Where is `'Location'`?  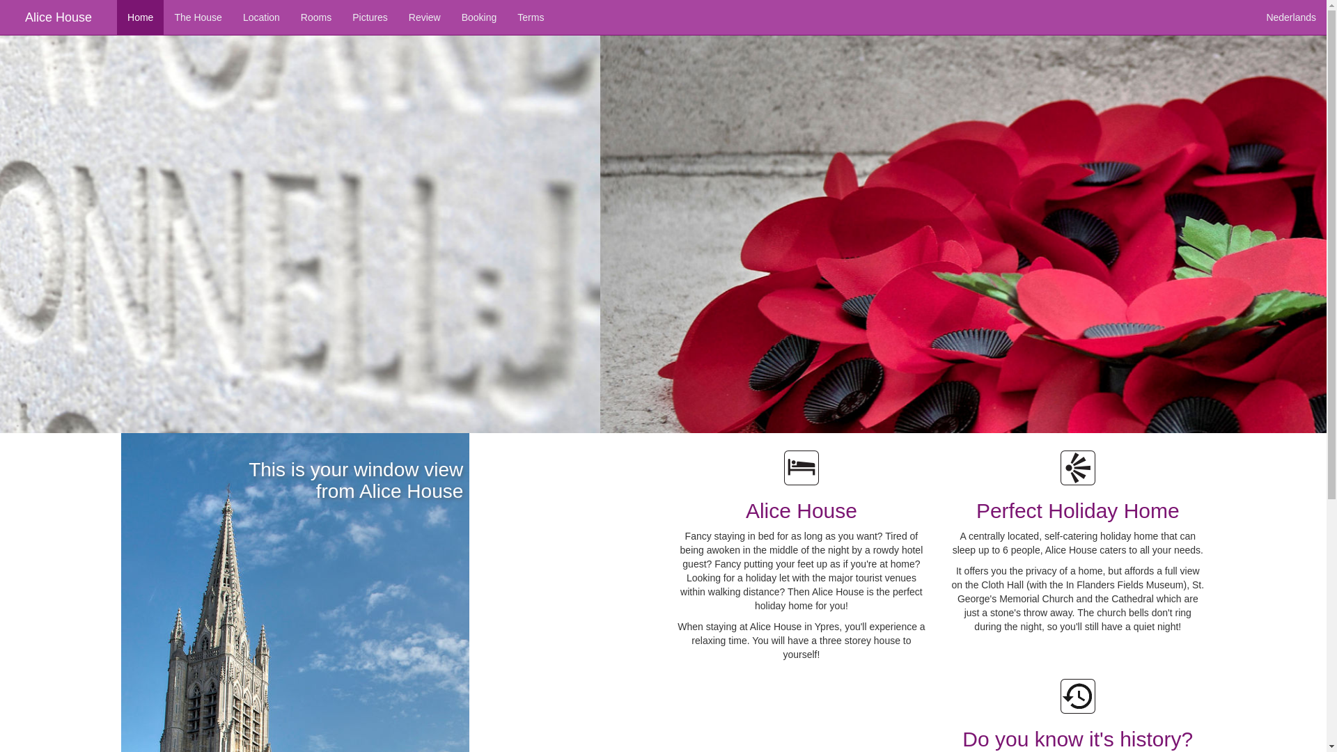
'Location' is located at coordinates (233, 17).